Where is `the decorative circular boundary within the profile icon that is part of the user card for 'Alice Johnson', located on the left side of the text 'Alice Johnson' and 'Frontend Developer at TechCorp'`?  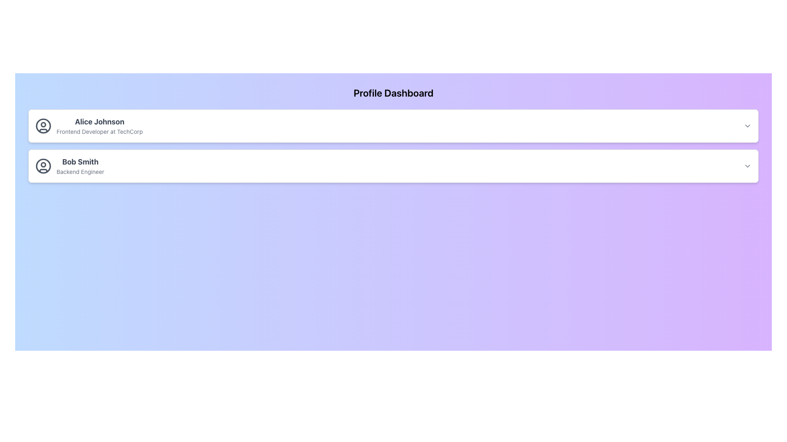 the decorative circular boundary within the profile icon that is part of the user card for 'Alice Johnson', located on the left side of the text 'Alice Johnson' and 'Frontend Developer at TechCorp' is located at coordinates (43, 126).